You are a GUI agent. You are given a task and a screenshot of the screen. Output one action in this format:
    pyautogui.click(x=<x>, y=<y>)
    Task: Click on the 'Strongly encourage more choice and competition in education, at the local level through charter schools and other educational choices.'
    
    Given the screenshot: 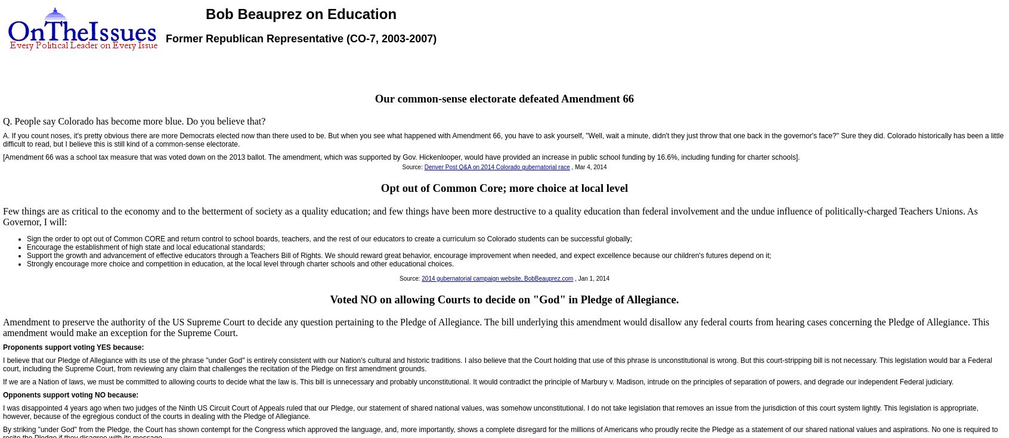 What is the action you would take?
    pyautogui.click(x=240, y=263)
    